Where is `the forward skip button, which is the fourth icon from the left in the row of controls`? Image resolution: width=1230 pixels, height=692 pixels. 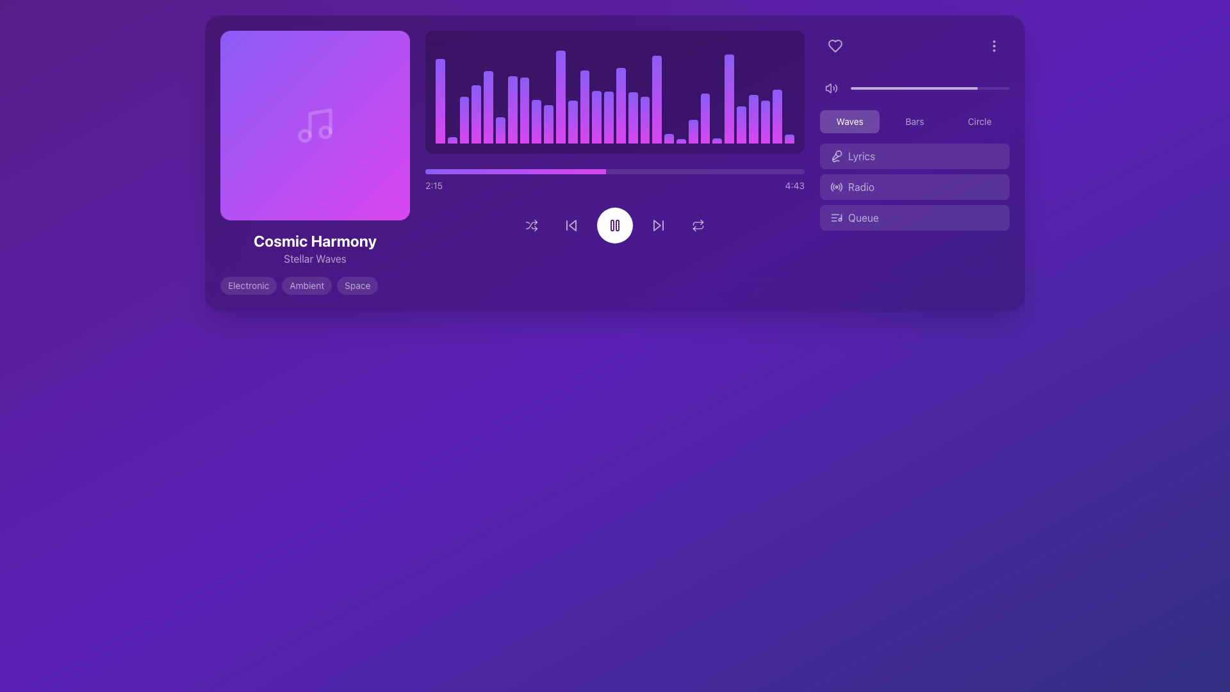 the forward skip button, which is the fourth icon from the left in the row of controls is located at coordinates (658, 224).